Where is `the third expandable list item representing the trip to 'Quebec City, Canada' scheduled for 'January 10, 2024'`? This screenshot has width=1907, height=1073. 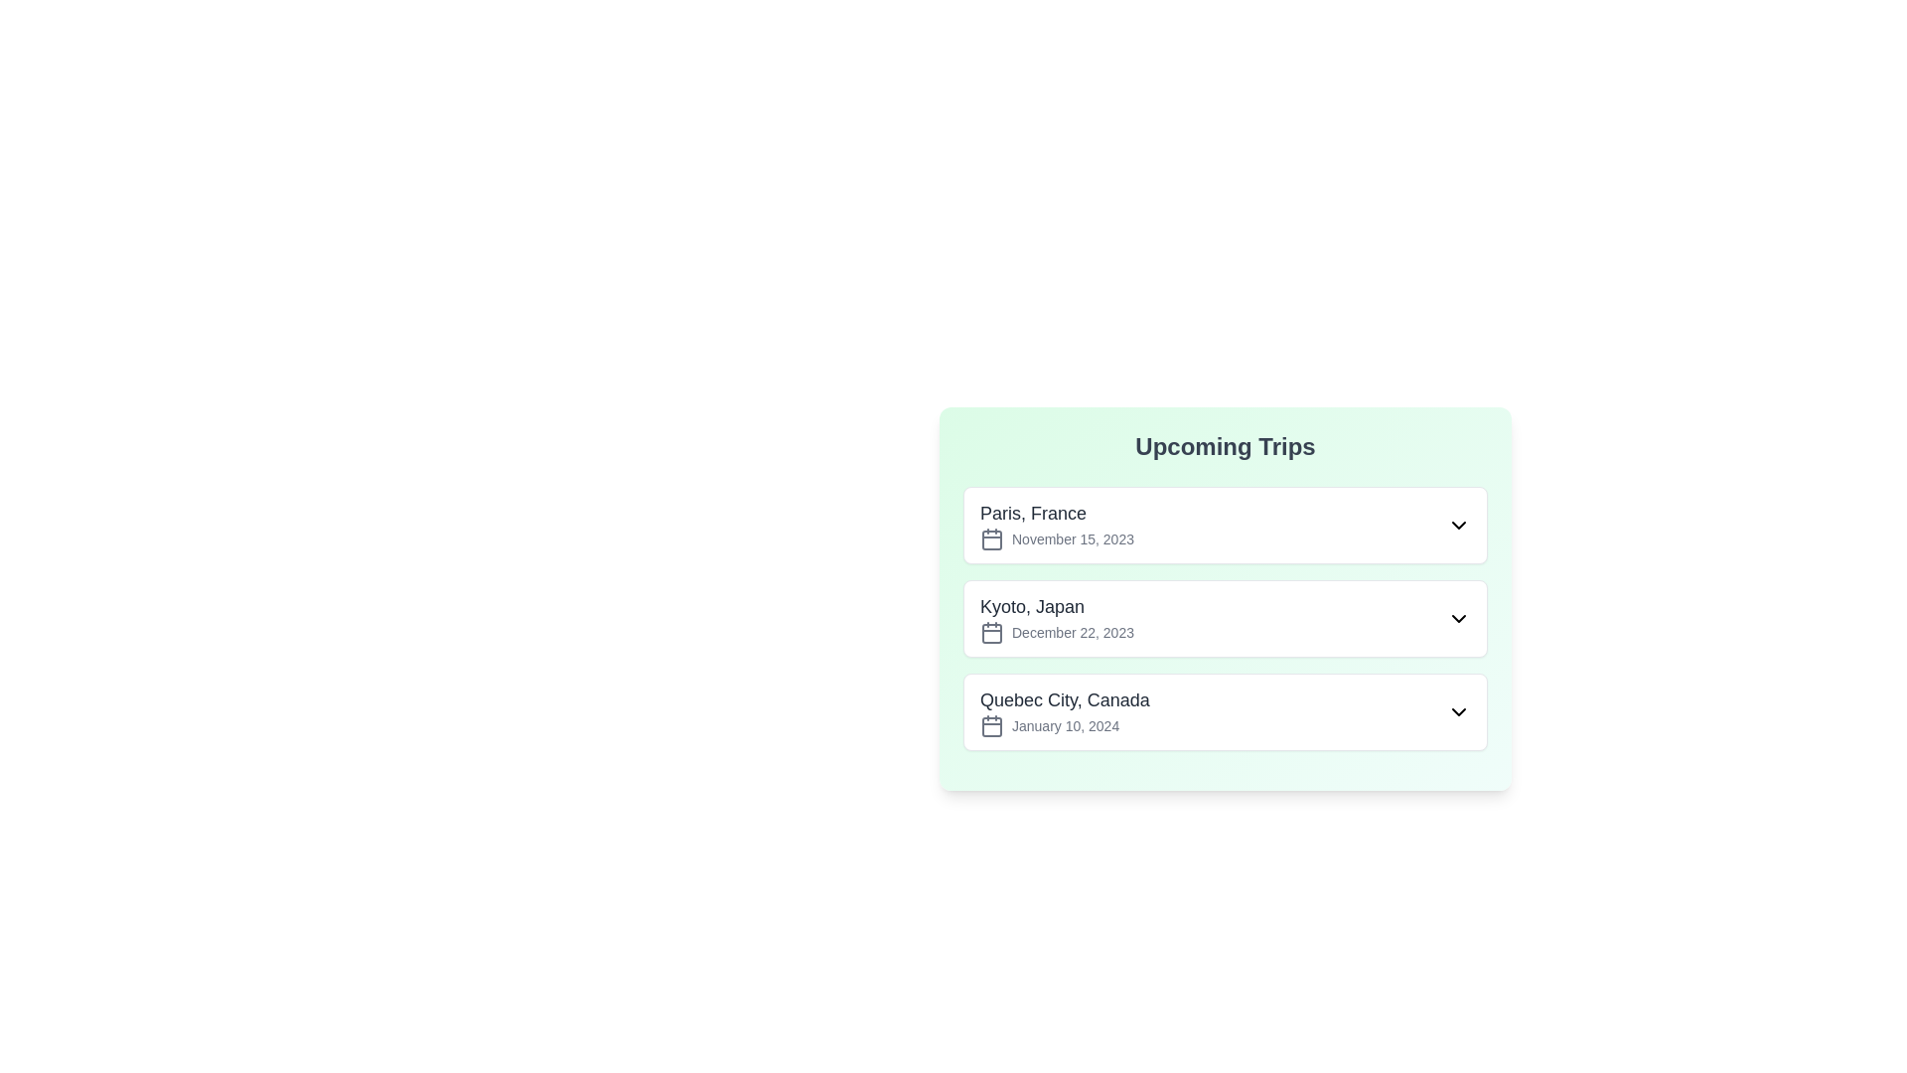 the third expandable list item representing the trip to 'Quebec City, Canada' scheduled for 'January 10, 2024' is located at coordinates (1224, 711).